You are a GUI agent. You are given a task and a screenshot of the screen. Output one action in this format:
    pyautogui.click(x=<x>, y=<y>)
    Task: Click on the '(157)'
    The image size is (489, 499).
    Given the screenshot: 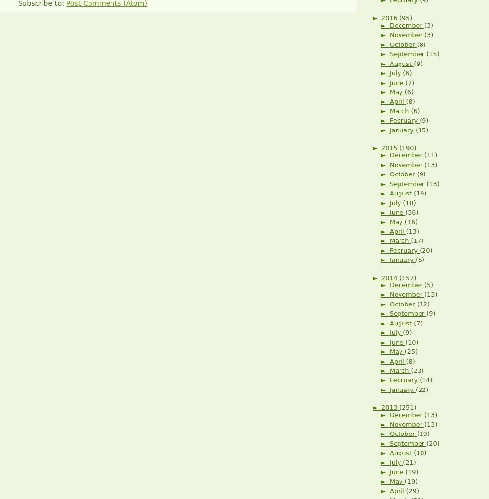 What is the action you would take?
    pyautogui.click(x=407, y=277)
    